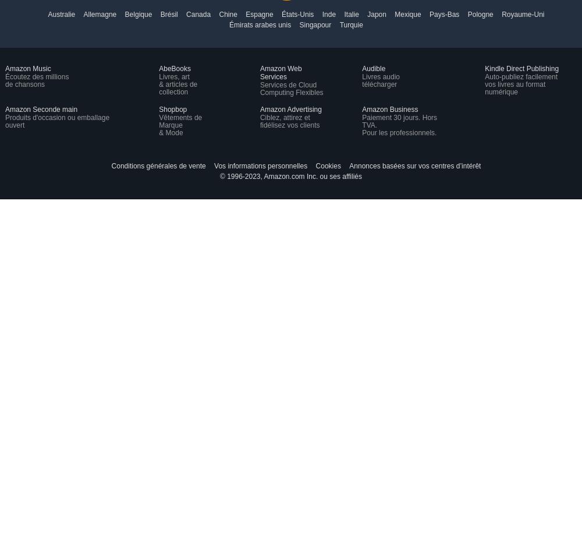  I want to click on 'Livres audio', so click(381, 75).